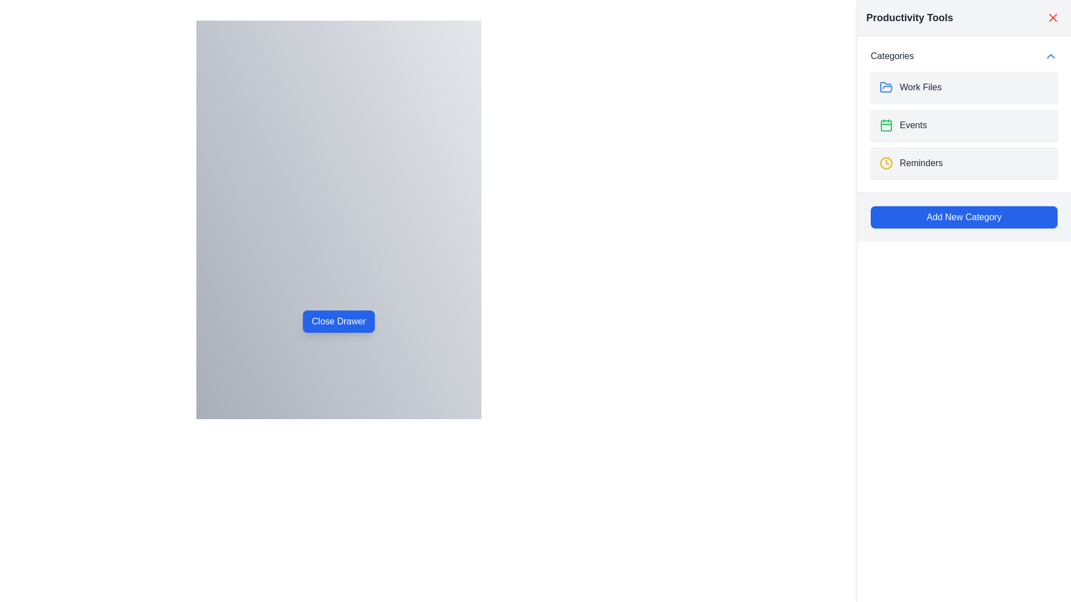 The width and height of the screenshot is (1071, 602). Describe the element at coordinates (1052, 17) in the screenshot. I see `the red-colored cross icon button in the top-right corner of the 'Productivity Tools' sidebar` at that location.